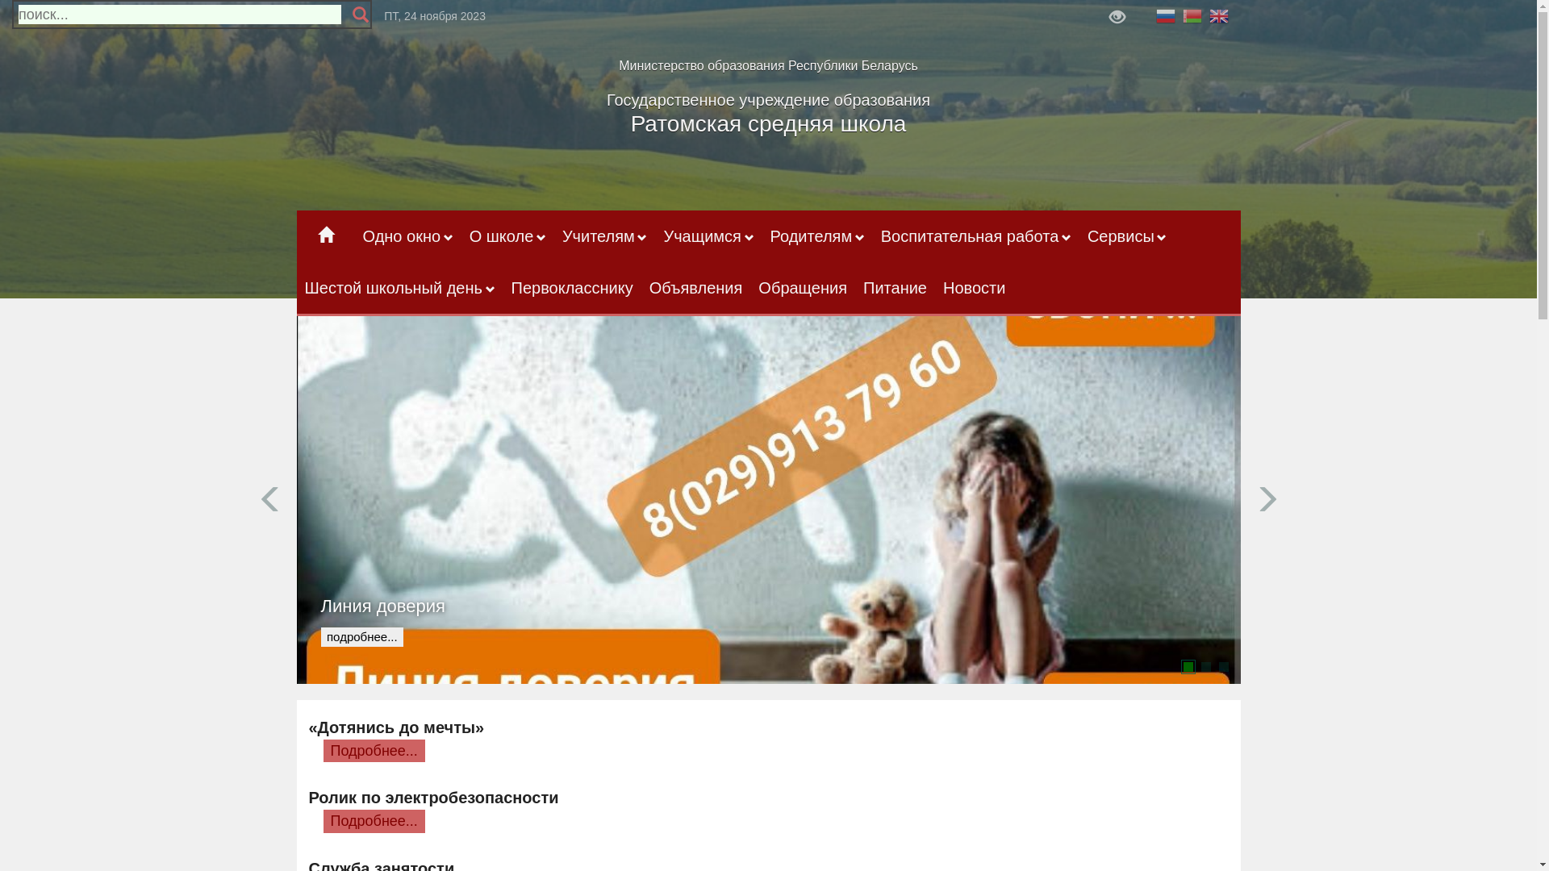 The height and width of the screenshot is (871, 1549). I want to click on '2', so click(1200, 666).